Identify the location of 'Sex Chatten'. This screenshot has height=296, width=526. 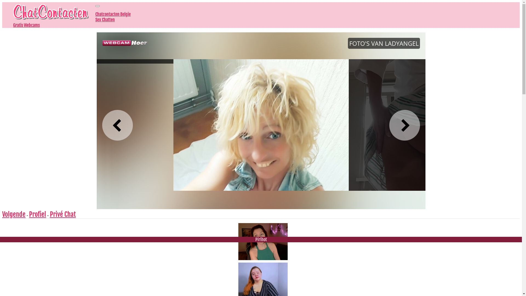
(105, 19).